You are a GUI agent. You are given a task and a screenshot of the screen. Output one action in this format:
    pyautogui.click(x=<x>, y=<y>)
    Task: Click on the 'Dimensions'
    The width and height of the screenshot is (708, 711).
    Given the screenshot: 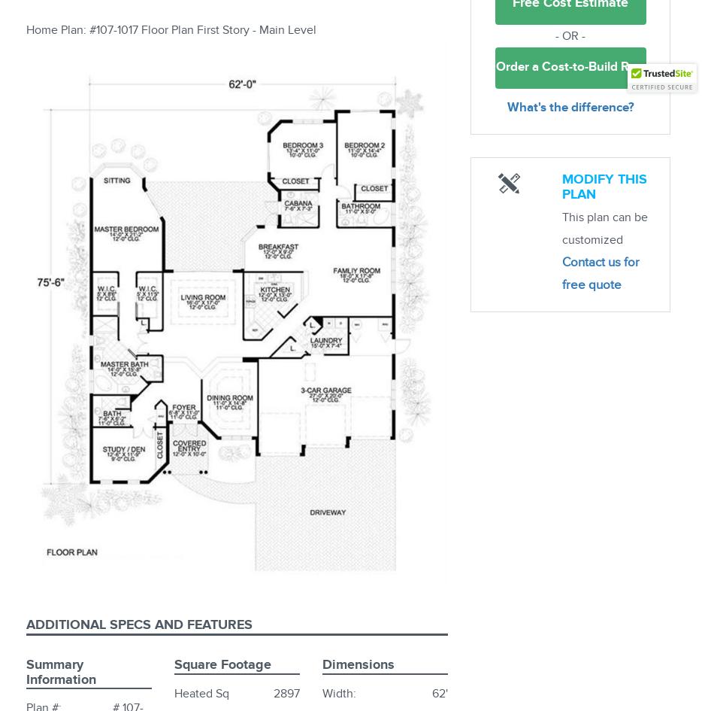 What is the action you would take?
    pyautogui.click(x=359, y=664)
    